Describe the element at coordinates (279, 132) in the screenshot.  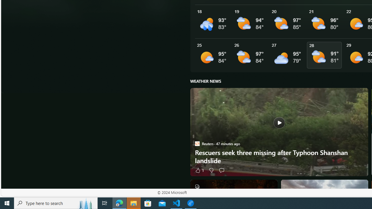
I see `'Rescuers seek three missing after Typhoon Shanshan landslide'` at that location.